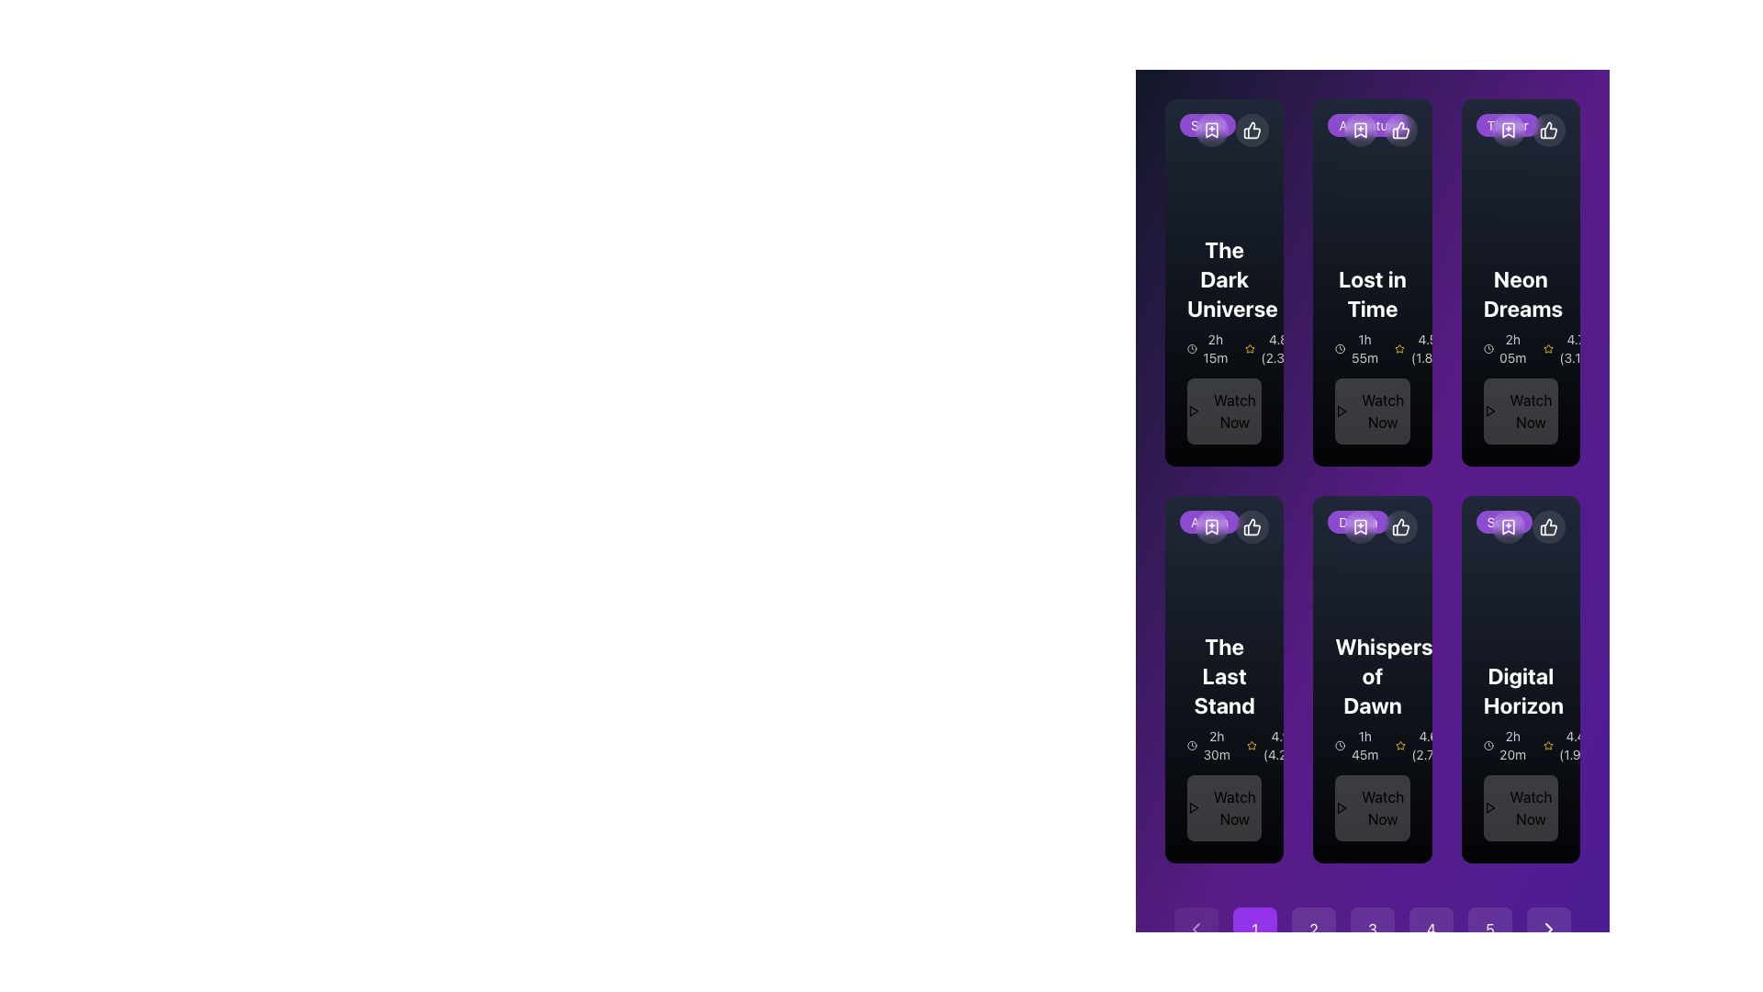 This screenshot has height=992, width=1763. I want to click on the text label that serves as the title of the movie or show in the first row, second column of the grid layout, so click(1372, 293).